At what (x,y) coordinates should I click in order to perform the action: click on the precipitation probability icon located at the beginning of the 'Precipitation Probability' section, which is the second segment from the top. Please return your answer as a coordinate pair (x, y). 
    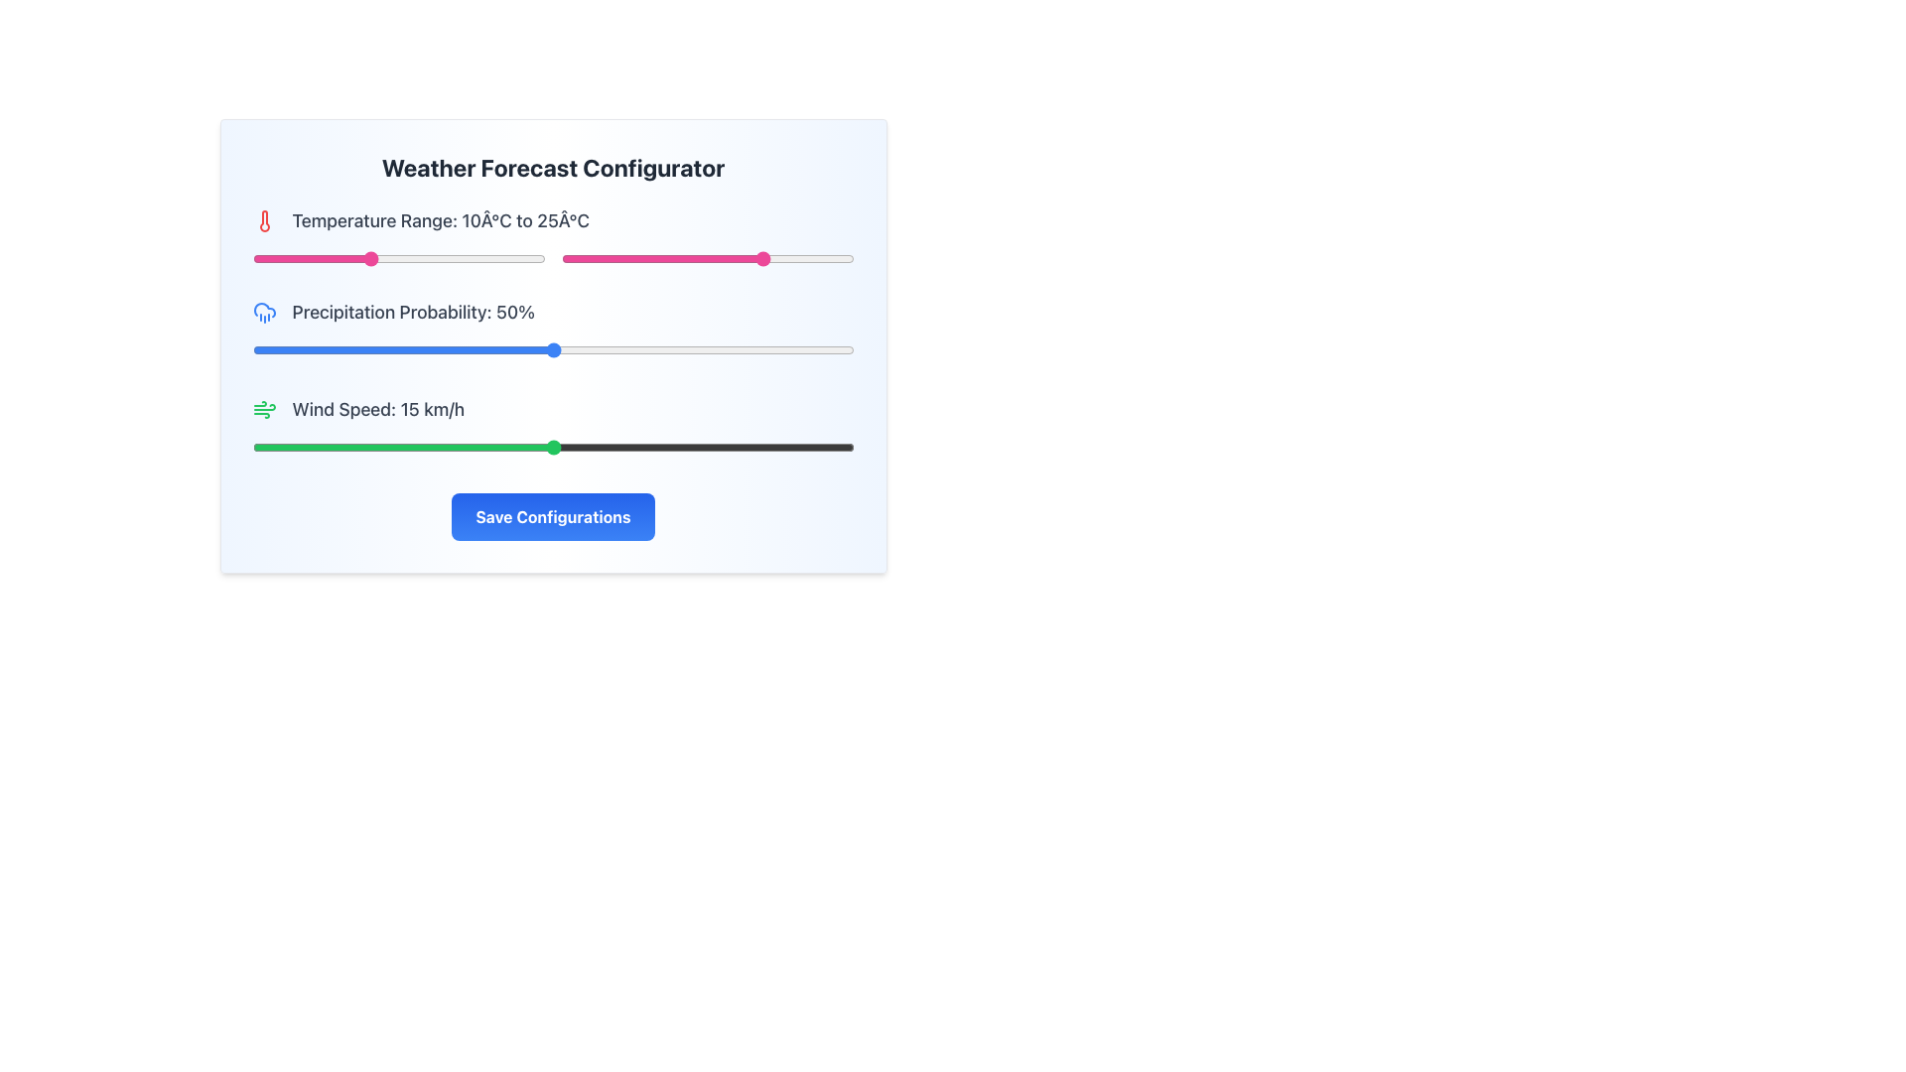
    Looking at the image, I should click on (263, 313).